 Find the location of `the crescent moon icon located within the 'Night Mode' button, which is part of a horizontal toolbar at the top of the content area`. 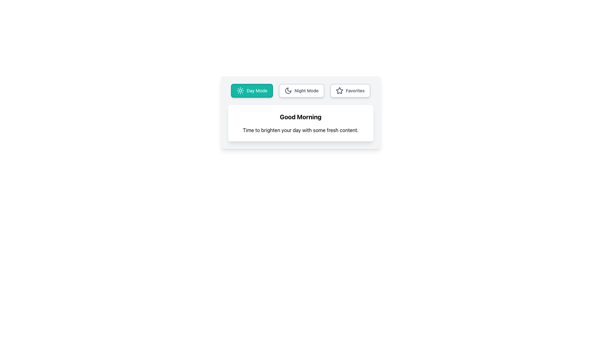

the crescent moon icon located within the 'Night Mode' button, which is part of a horizontal toolbar at the top of the content area is located at coordinates (288, 90).